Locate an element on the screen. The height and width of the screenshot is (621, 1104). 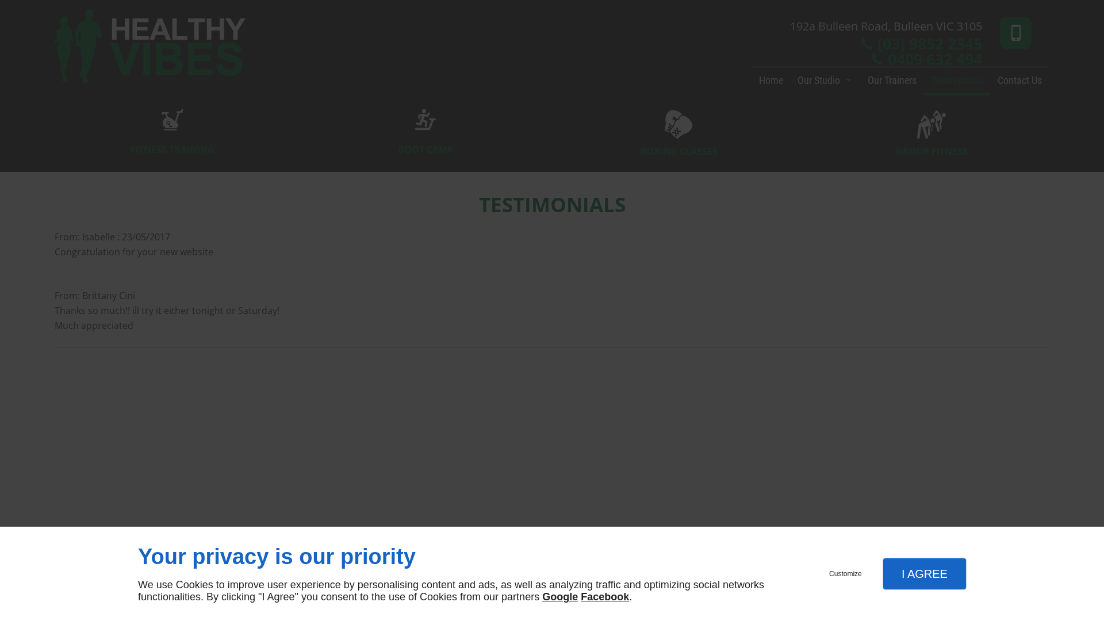
'Testimonials' is located at coordinates (957, 80).